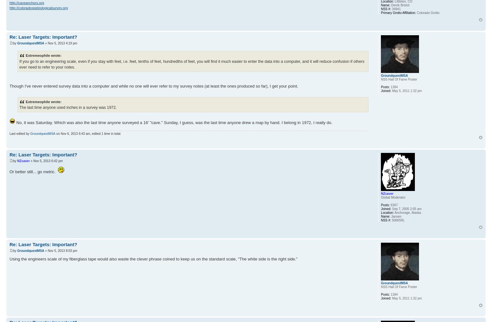 This screenshot has width=492, height=322. I want to click on 'If you go to an engineering scale, even if you stay with feet, i.e. feet, tenths of feet, hundredths of feet, you will find it much easier to enter the data into a computer, and it will reduce confusion if others ever need to refer to your notes.', so click(192, 63).